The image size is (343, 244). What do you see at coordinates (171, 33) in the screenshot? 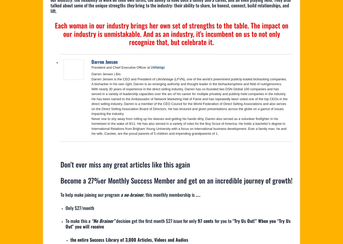
I see `'Each woman in our industry brings her own set of strengths to the table. The impact on our industry is unmistakable. And as an industry, it’s incumbent on us to not only recognize that, but celebrate it.'` at bounding box center [171, 33].